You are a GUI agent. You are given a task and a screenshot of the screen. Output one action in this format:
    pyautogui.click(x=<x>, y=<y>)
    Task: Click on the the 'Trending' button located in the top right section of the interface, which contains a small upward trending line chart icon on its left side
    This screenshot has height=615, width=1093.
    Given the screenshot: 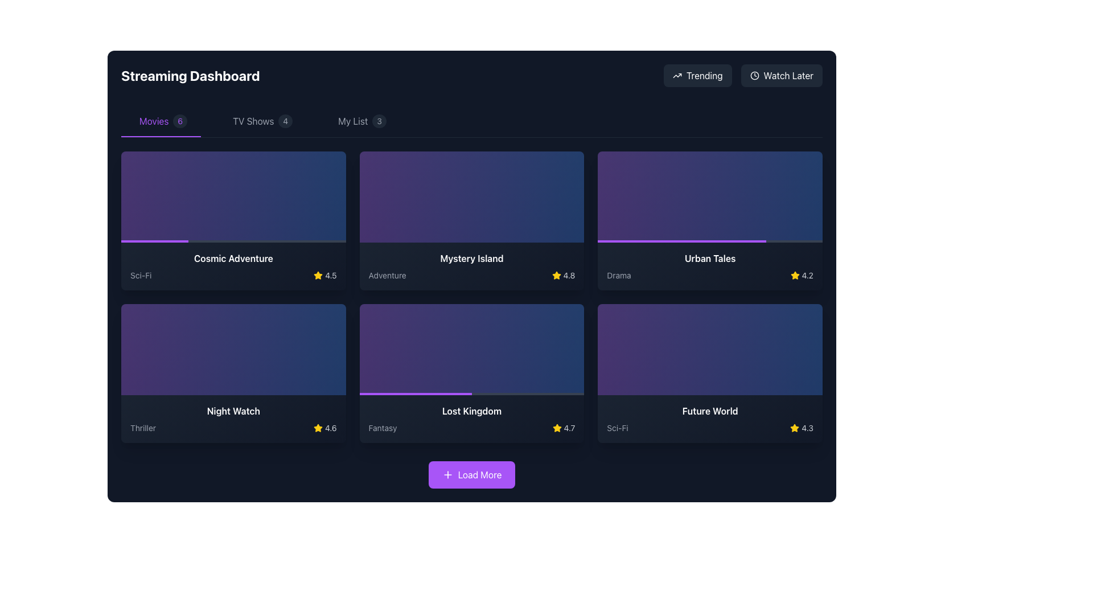 What is the action you would take?
    pyautogui.click(x=677, y=75)
    